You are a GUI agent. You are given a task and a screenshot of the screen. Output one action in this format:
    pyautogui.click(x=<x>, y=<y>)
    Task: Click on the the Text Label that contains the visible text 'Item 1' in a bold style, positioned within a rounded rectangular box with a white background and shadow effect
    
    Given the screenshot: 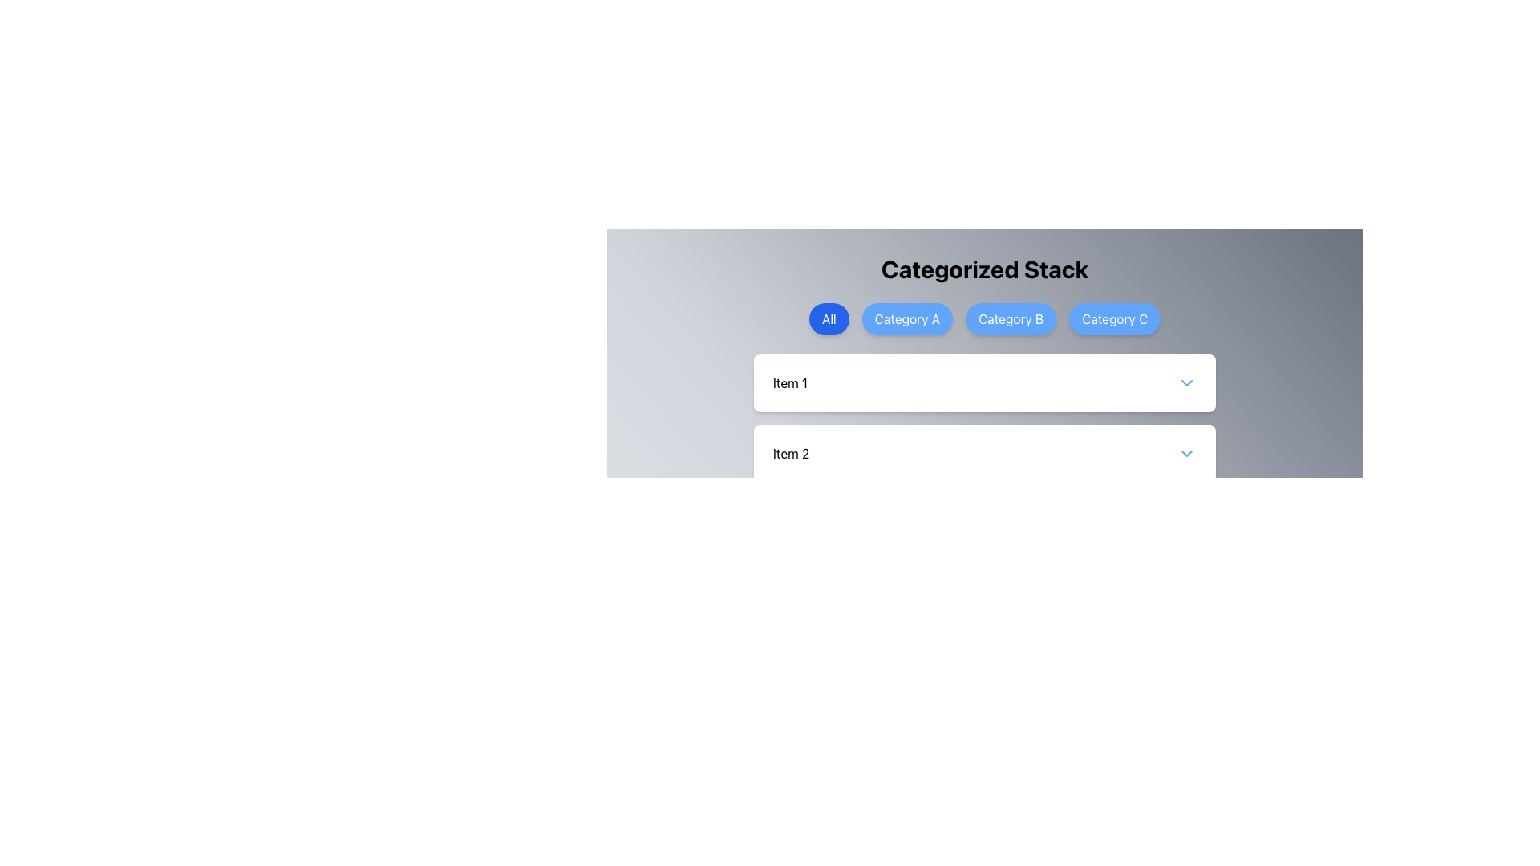 What is the action you would take?
    pyautogui.click(x=790, y=383)
    